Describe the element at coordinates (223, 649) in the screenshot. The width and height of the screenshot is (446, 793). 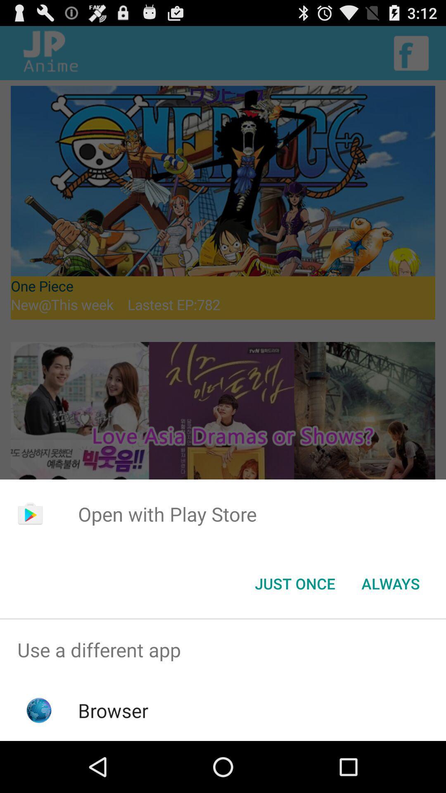
I see `item above browser app` at that location.